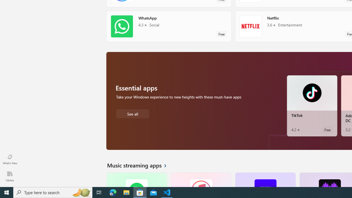 The height and width of the screenshot is (198, 352). I want to click on 'See all  Essential apps', so click(132, 113).